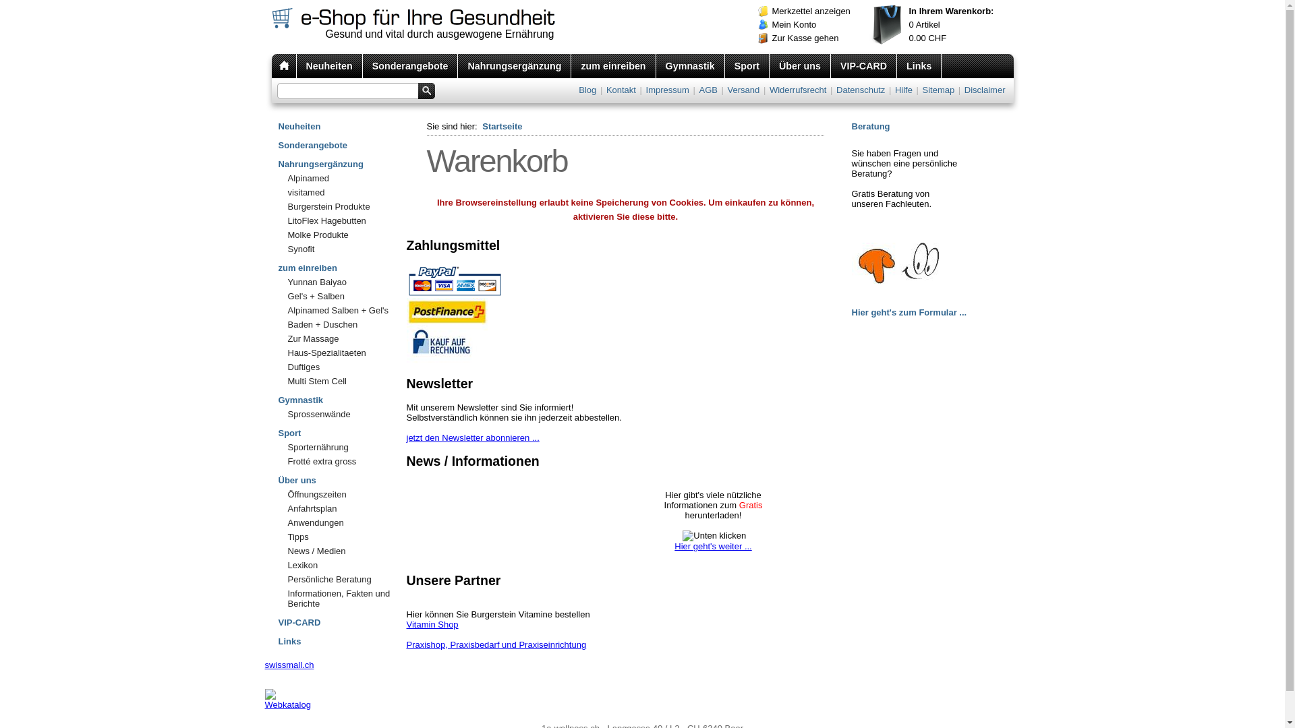 Image resolution: width=1295 pixels, height=728 pixels. What do you see at coordinates (342, 177) in the screenshot?
I see `'Alpinamed'` at bounding box center [342, 177].